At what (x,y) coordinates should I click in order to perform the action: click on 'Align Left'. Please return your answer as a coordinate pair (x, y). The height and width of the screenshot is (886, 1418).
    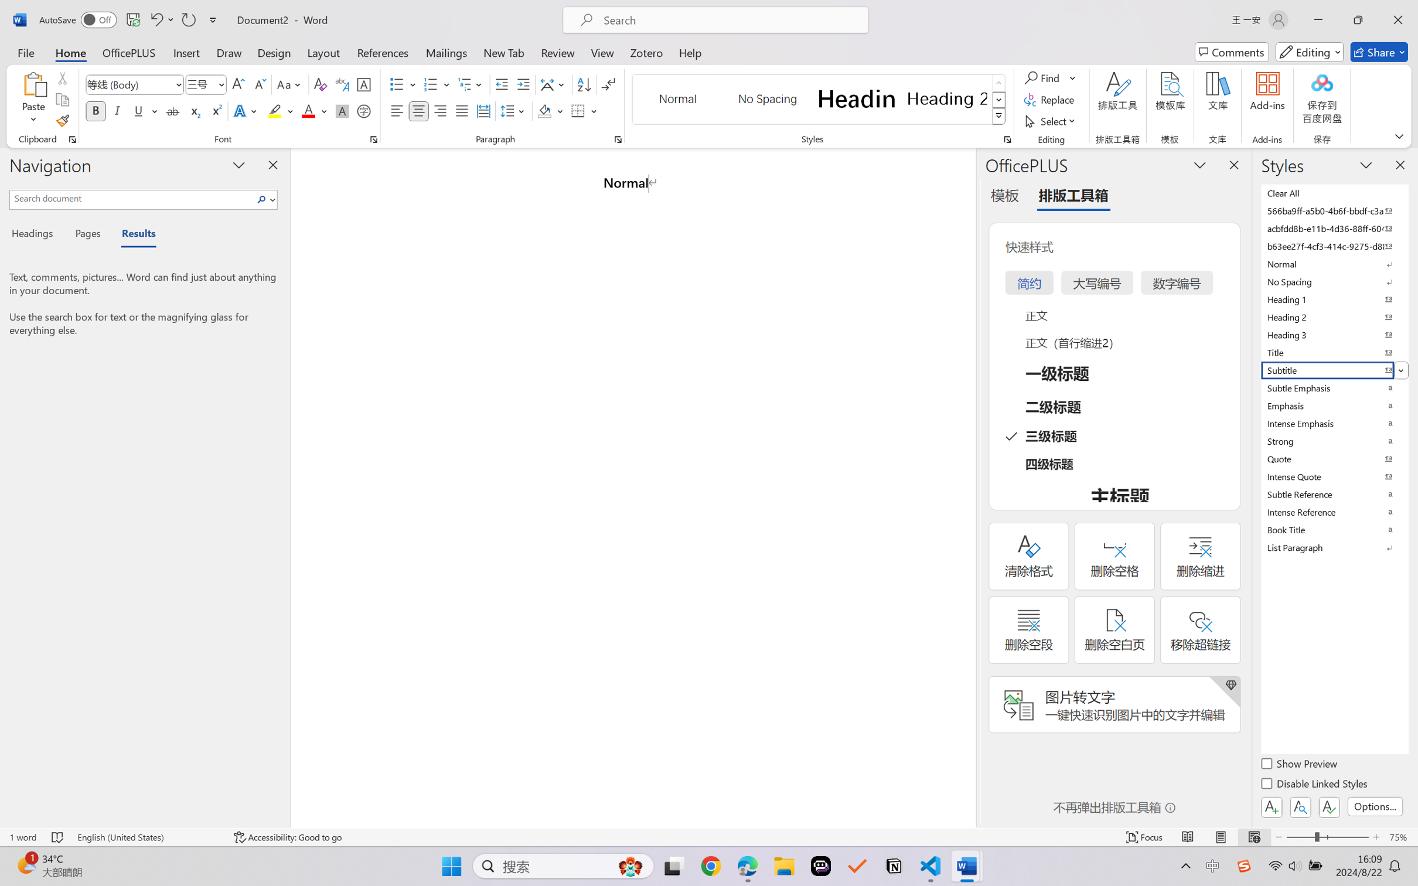
    Looking at the image, I should click on (397, 110).